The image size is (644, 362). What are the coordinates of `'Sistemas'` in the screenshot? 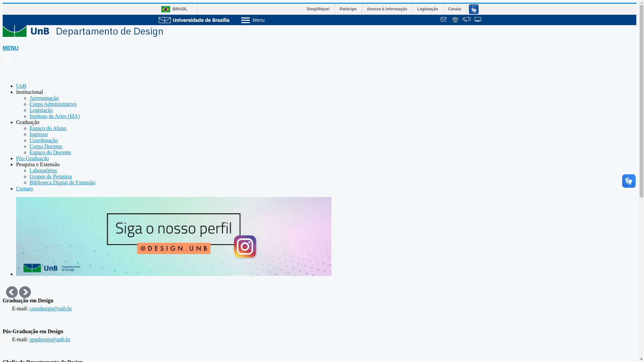 It's located at (478, 20).